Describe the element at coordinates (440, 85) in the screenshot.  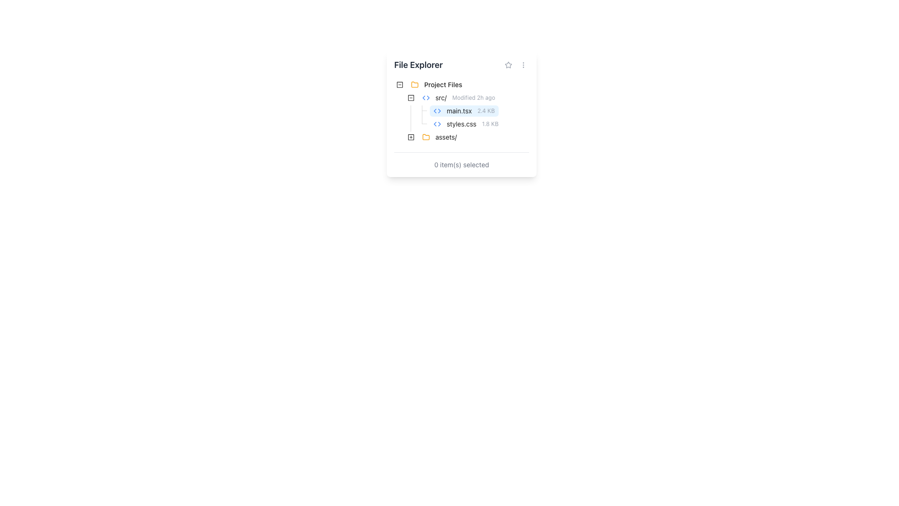
I see `the 'Project Files' tree node, which features a yellowish-amber folder icon and is the topmost entry in the file explorer hierarchy` at that location.